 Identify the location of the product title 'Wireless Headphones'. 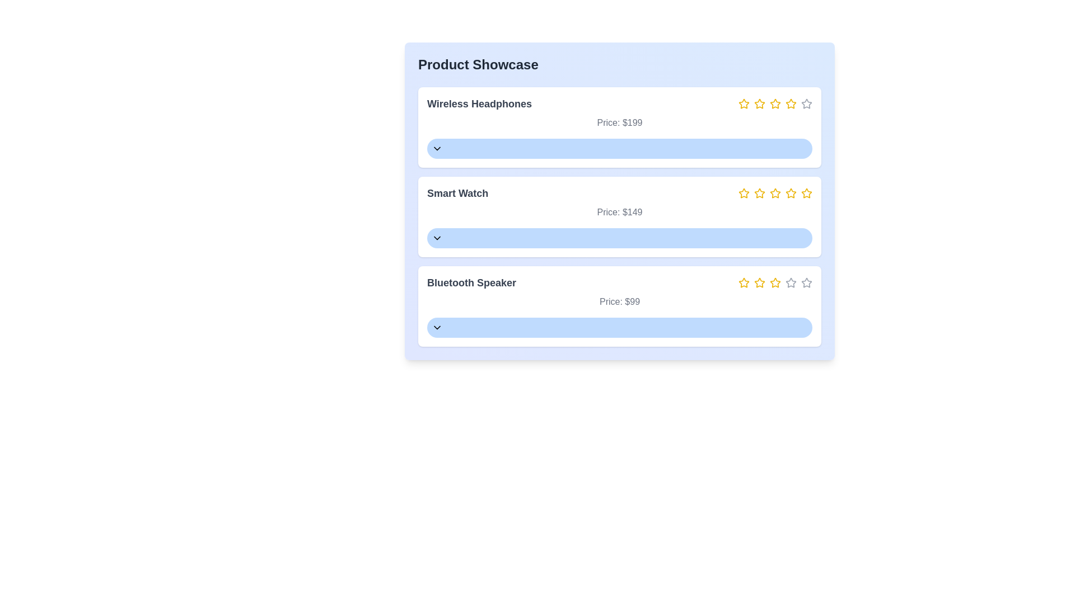
(619, 103).